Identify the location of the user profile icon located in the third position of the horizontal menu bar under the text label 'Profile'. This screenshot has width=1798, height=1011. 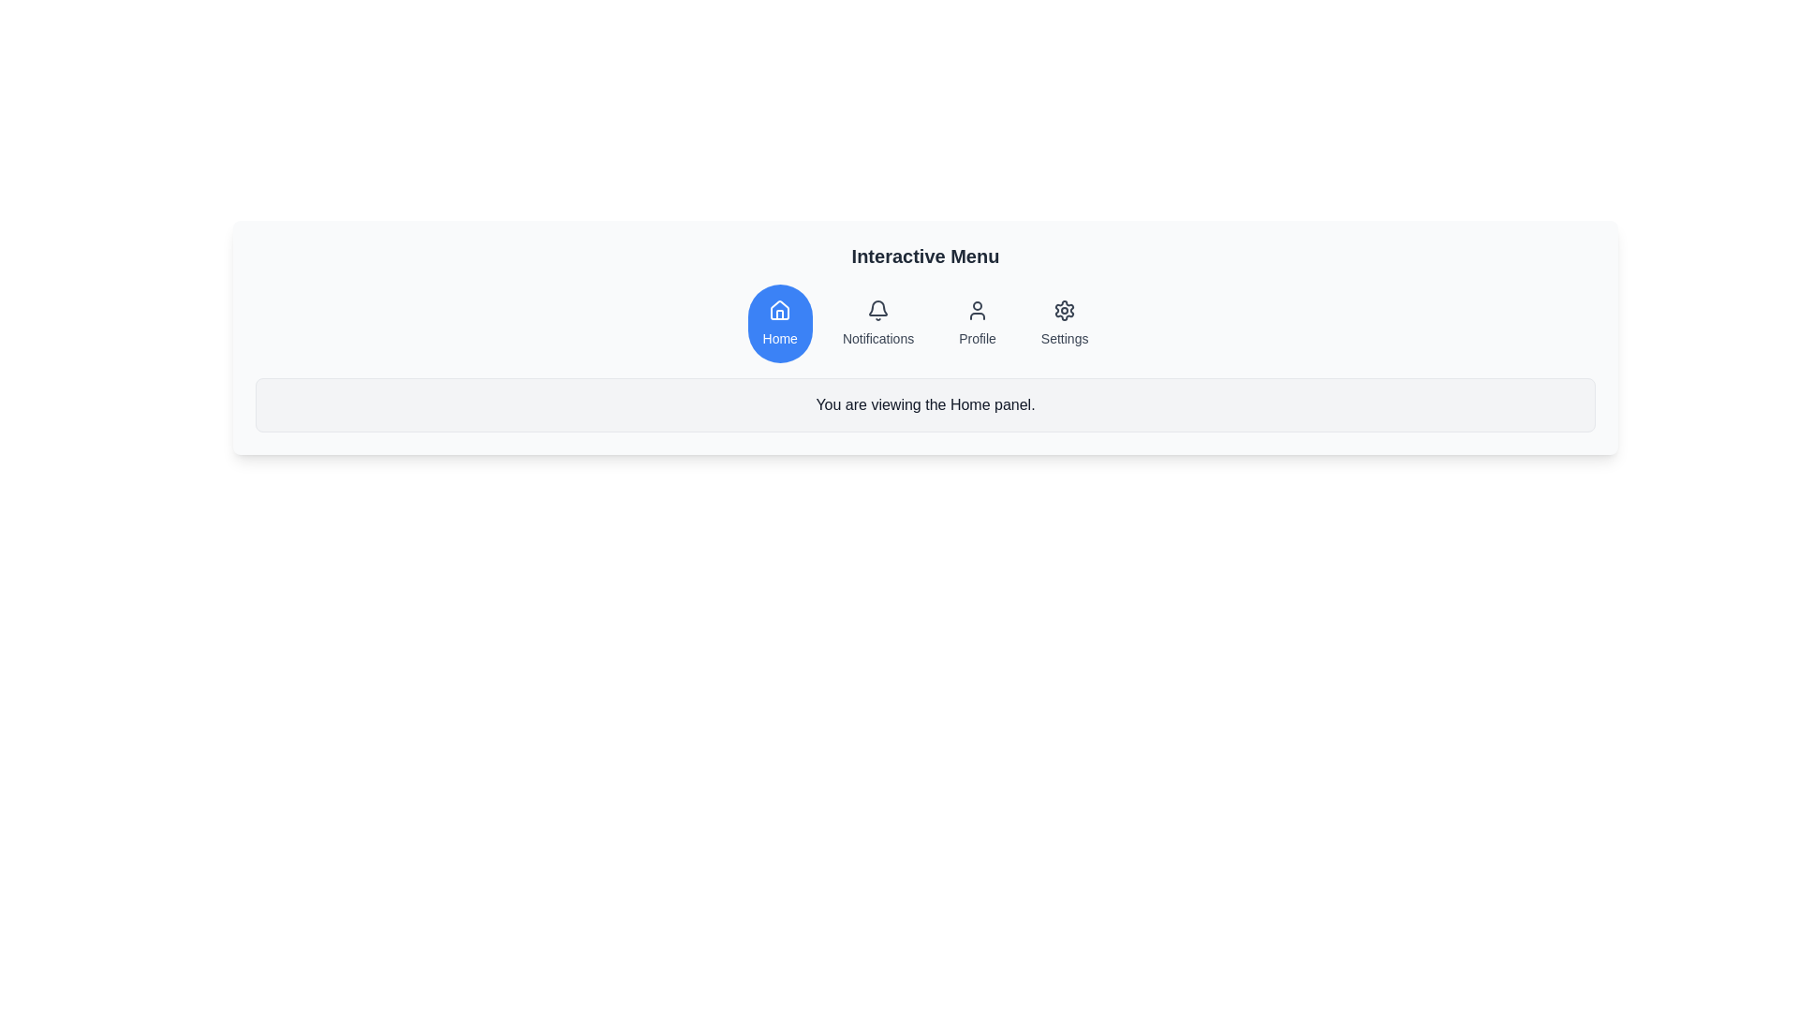
(977, 309).